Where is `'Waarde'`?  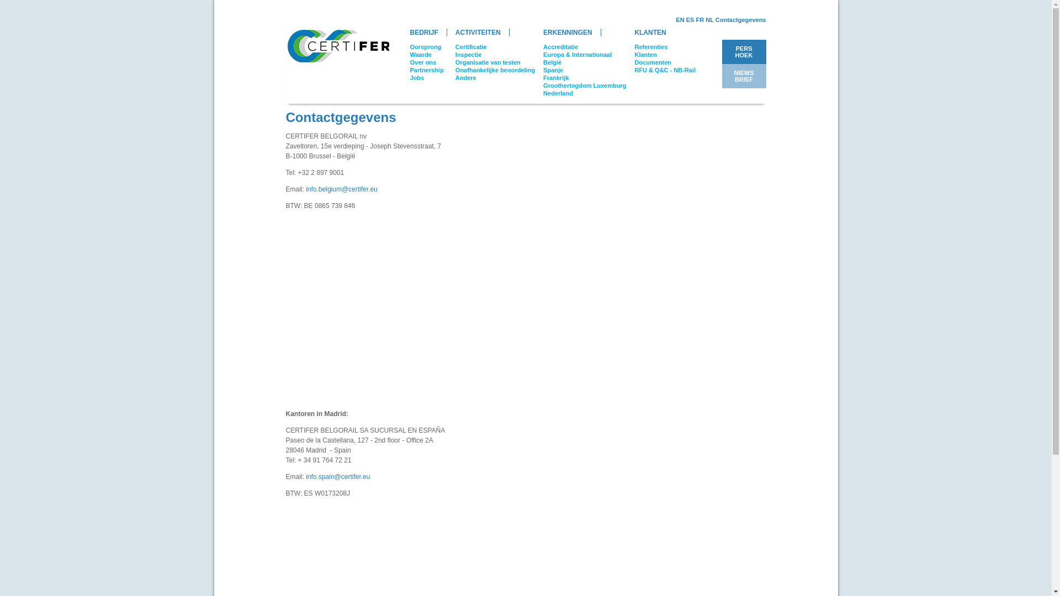 'Waarde' is located at coordinates (420, 55).